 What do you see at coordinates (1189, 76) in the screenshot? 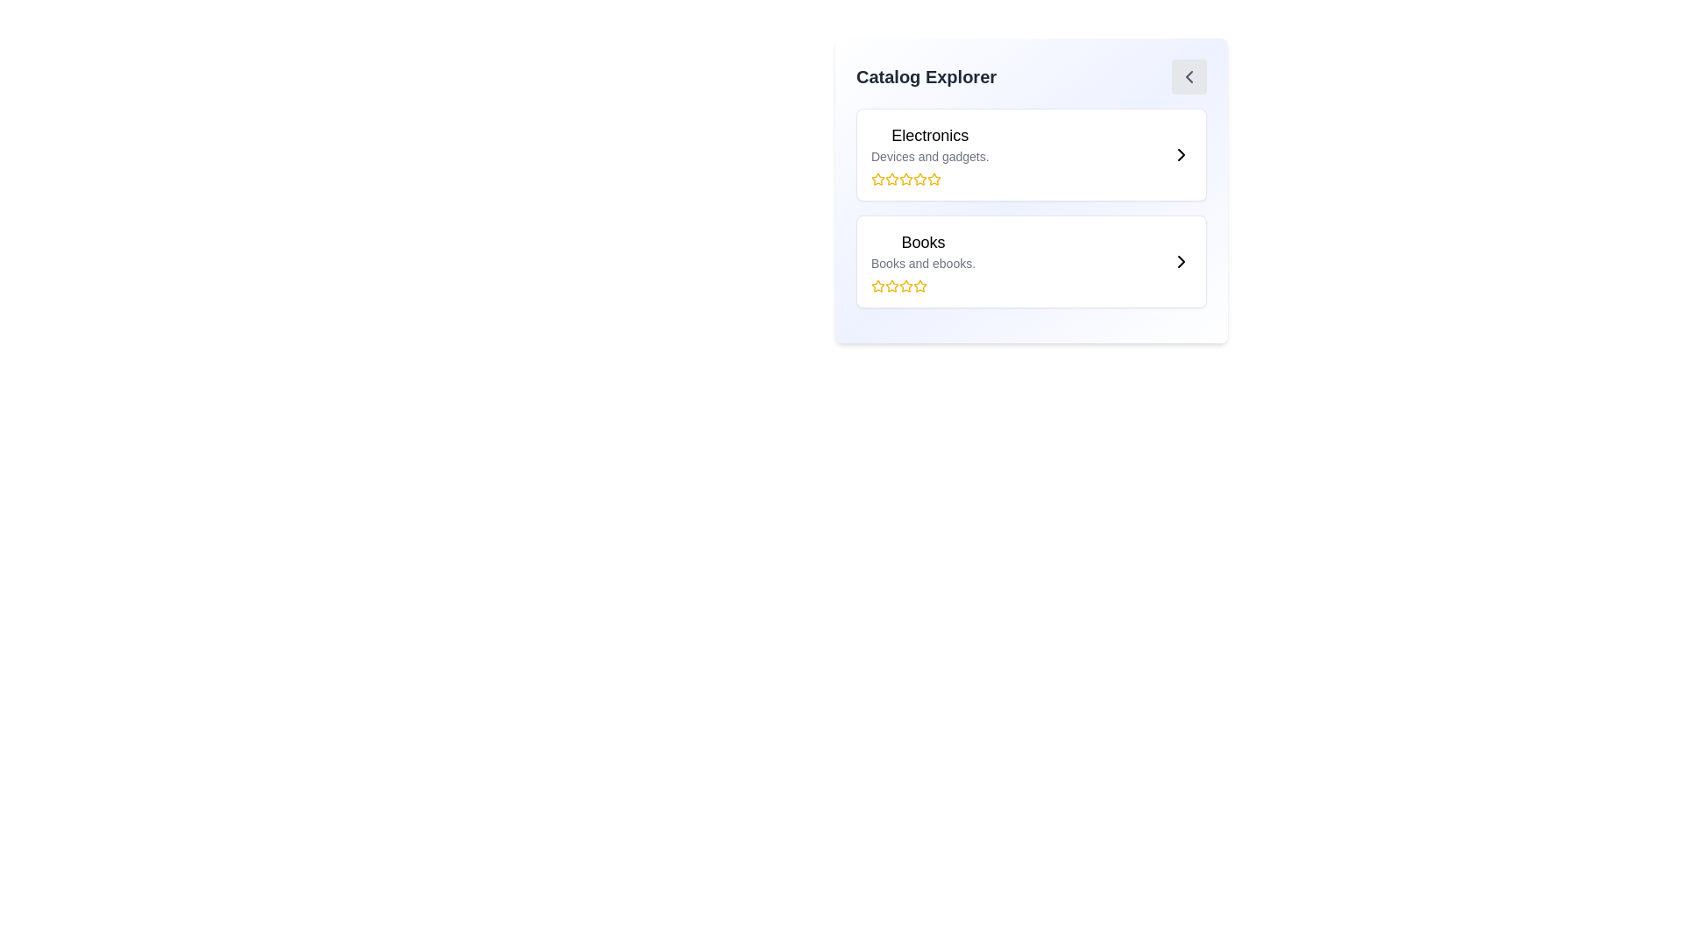
I see `the back navigation icon located in the top-right corner of the 'Catalog Explorer' card` at bounding box center [1189, 76].